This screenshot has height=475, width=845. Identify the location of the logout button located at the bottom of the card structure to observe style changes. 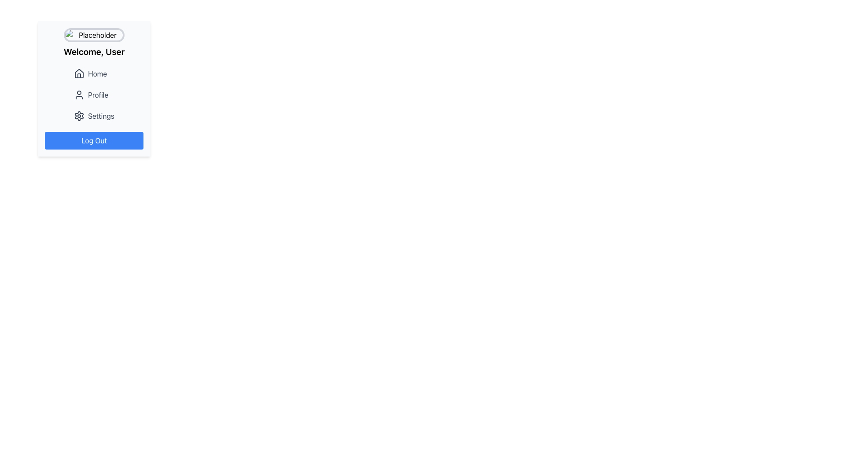
(94, 140).